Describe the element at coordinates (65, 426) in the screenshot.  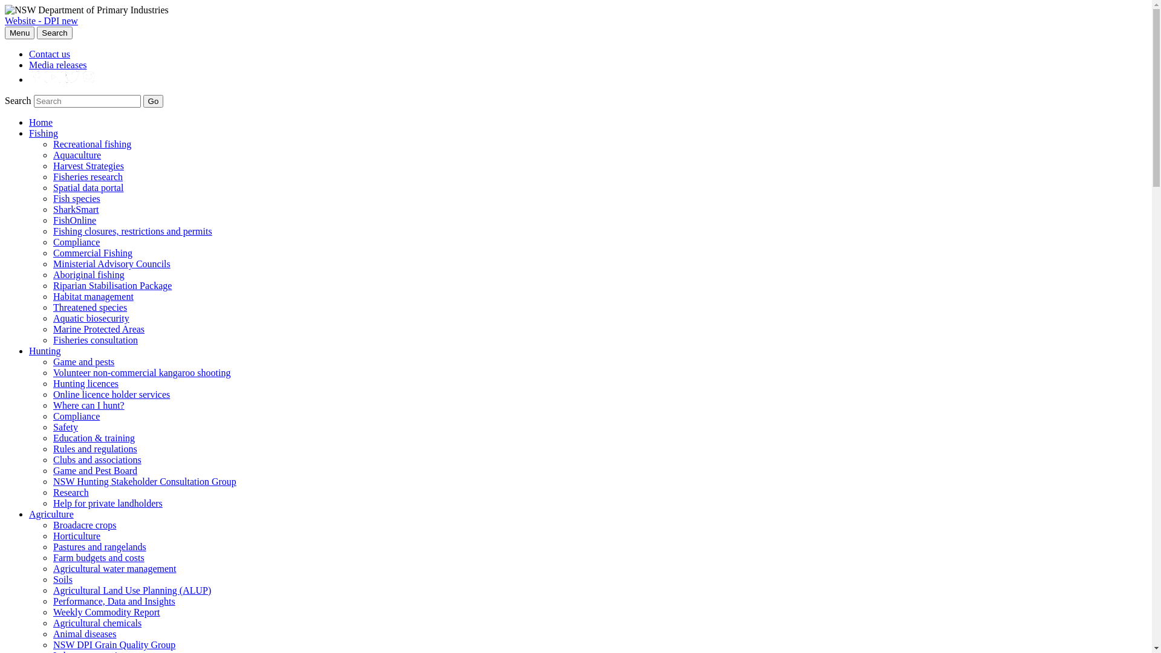
I see `'Safety'` at that location.